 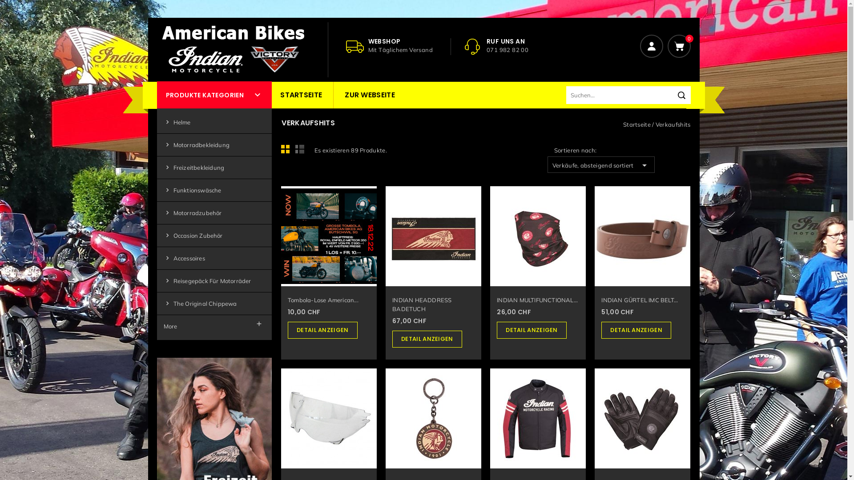 What do you see at coordinates (301, 95) in the screenshot?
I see `'STARTSEITE'` at bounding box center [301, 95].